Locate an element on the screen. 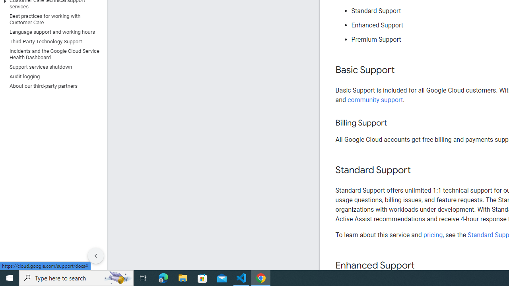 Image resolution: width=509 pixels, height=286 pixels. 'Language support and working hours' is located at coordinates (51, 32).